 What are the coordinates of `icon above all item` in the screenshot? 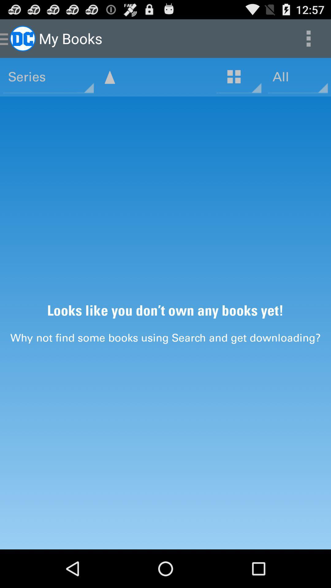 It's located at (308, 38).